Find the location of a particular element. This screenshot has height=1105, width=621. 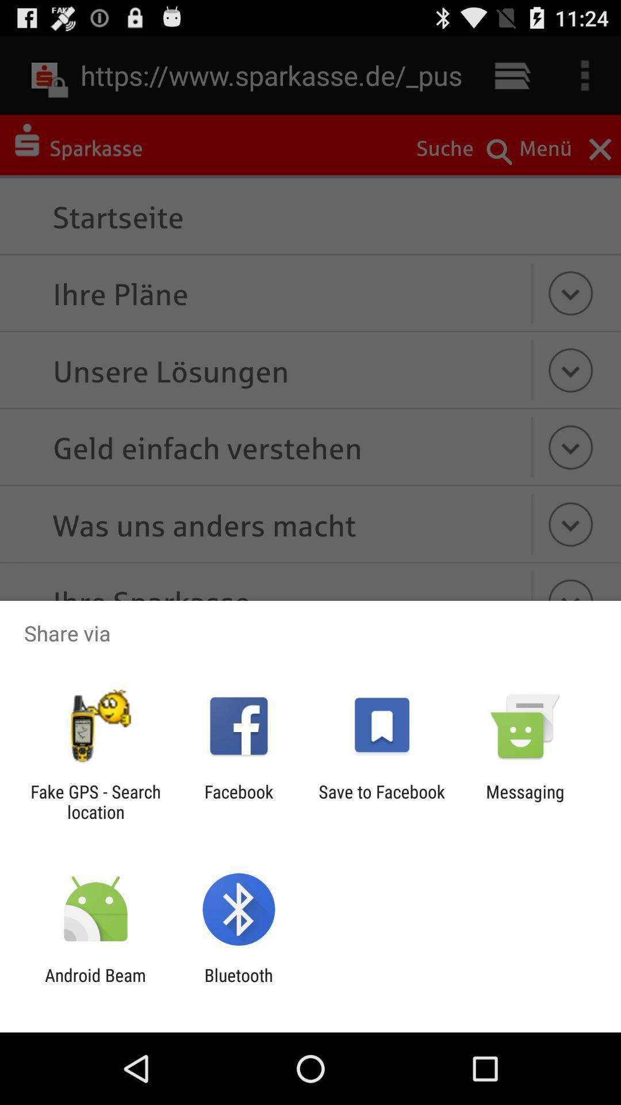

the icon next to android beam item is located at coordinates (238, 985).